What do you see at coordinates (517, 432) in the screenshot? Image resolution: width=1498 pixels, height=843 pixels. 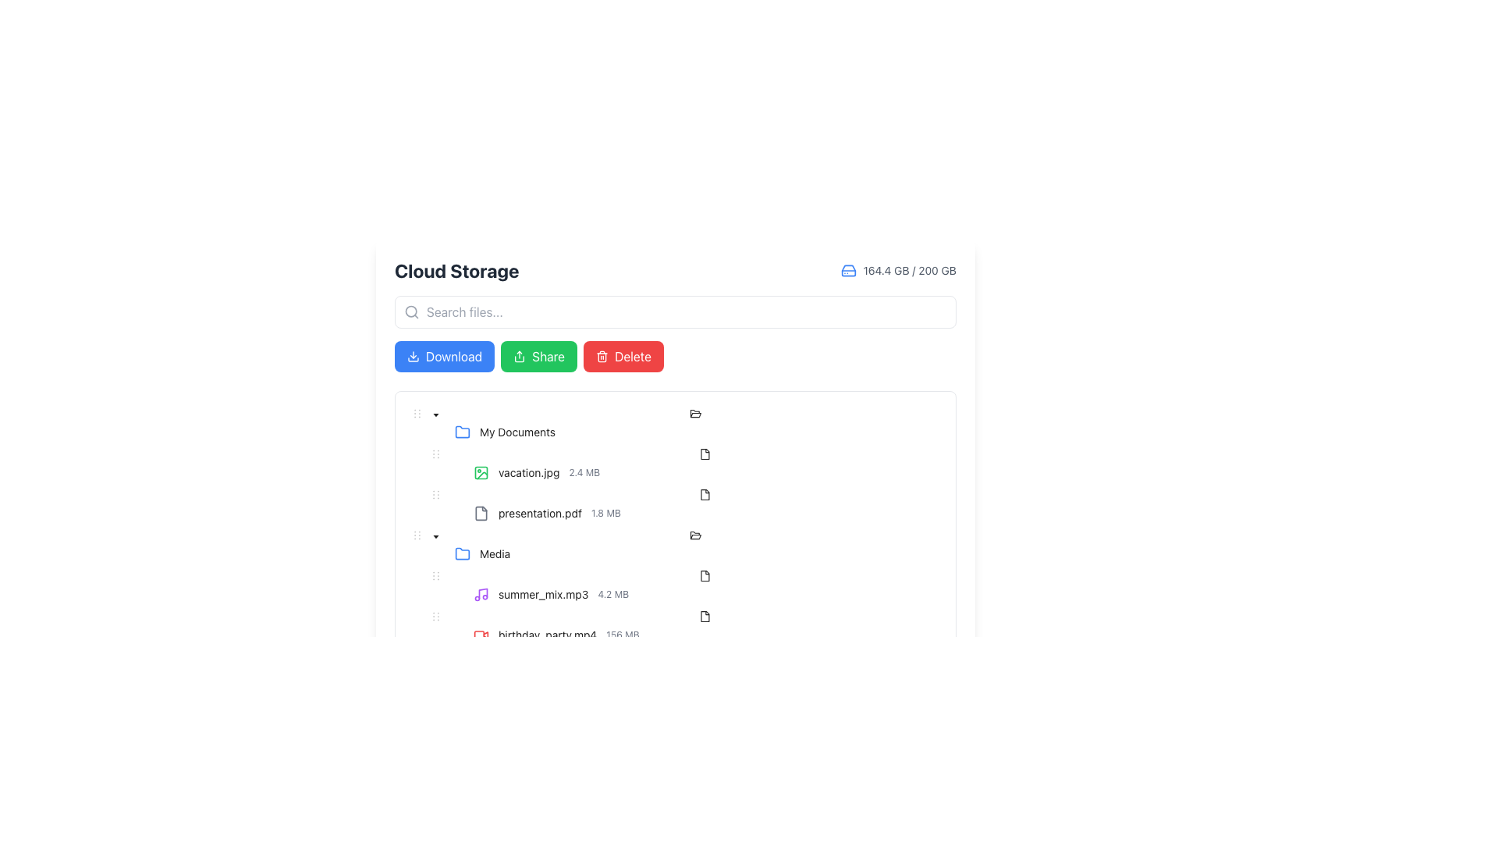 I see `the 'My Documents' label, which is styled in a sans-serif font and appears in black color, located next to a blue folder icon` at bounding box center [517, 432].